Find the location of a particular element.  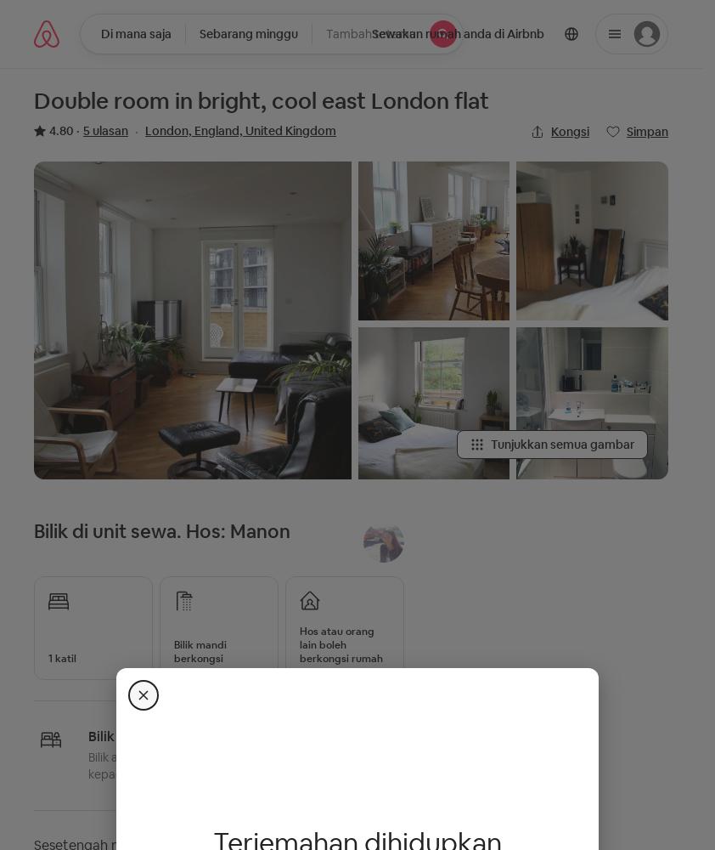

'Double room in bright, cool east London flat' is located at coordinates (262, 100).